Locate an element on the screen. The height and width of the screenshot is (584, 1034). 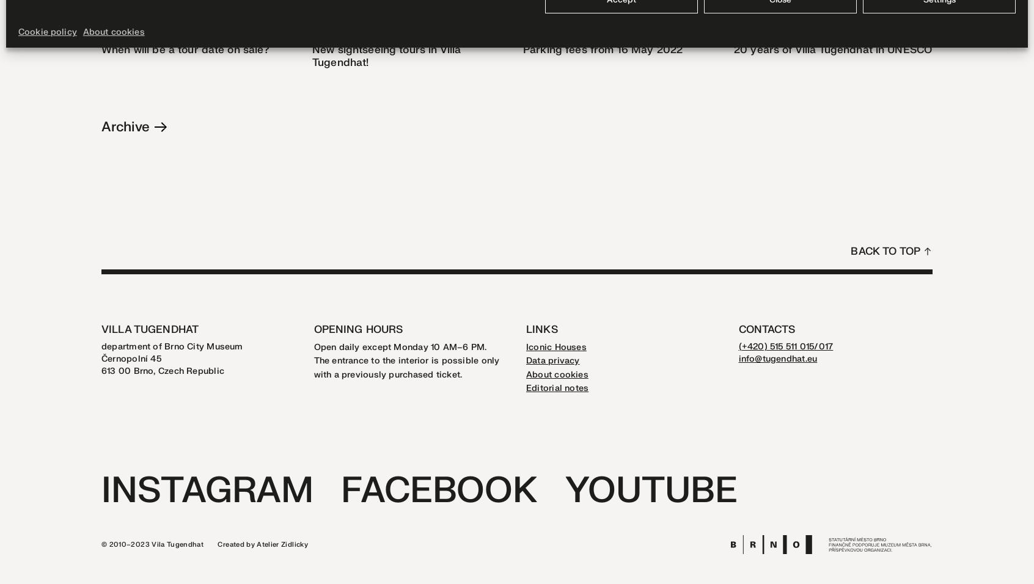
'When will be a tour date on sale?' is located at coordinates (185, 48).